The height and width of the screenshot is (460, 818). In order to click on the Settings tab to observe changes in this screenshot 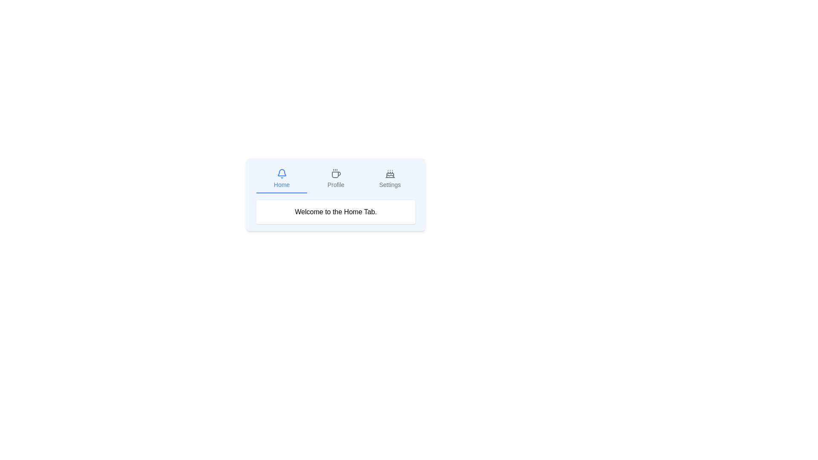, I will do `click(389, 178)`.